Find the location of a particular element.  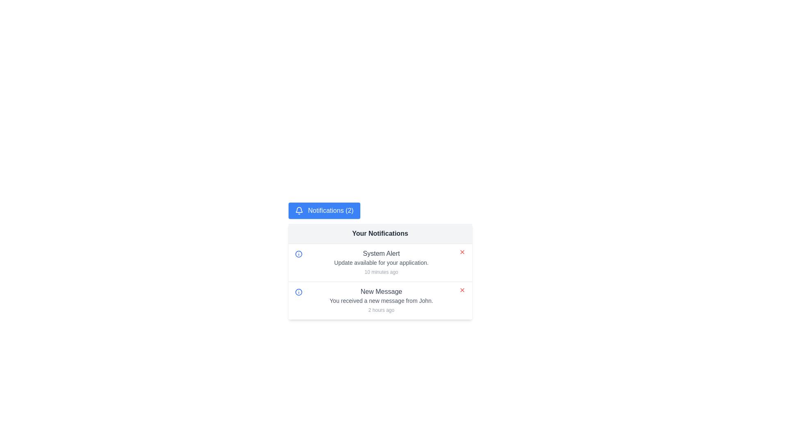

the Notification Block that displays 'System Alert' followed by 'Update available for your application.' and '10 minutes ago' is located at coordinates (381, 262).